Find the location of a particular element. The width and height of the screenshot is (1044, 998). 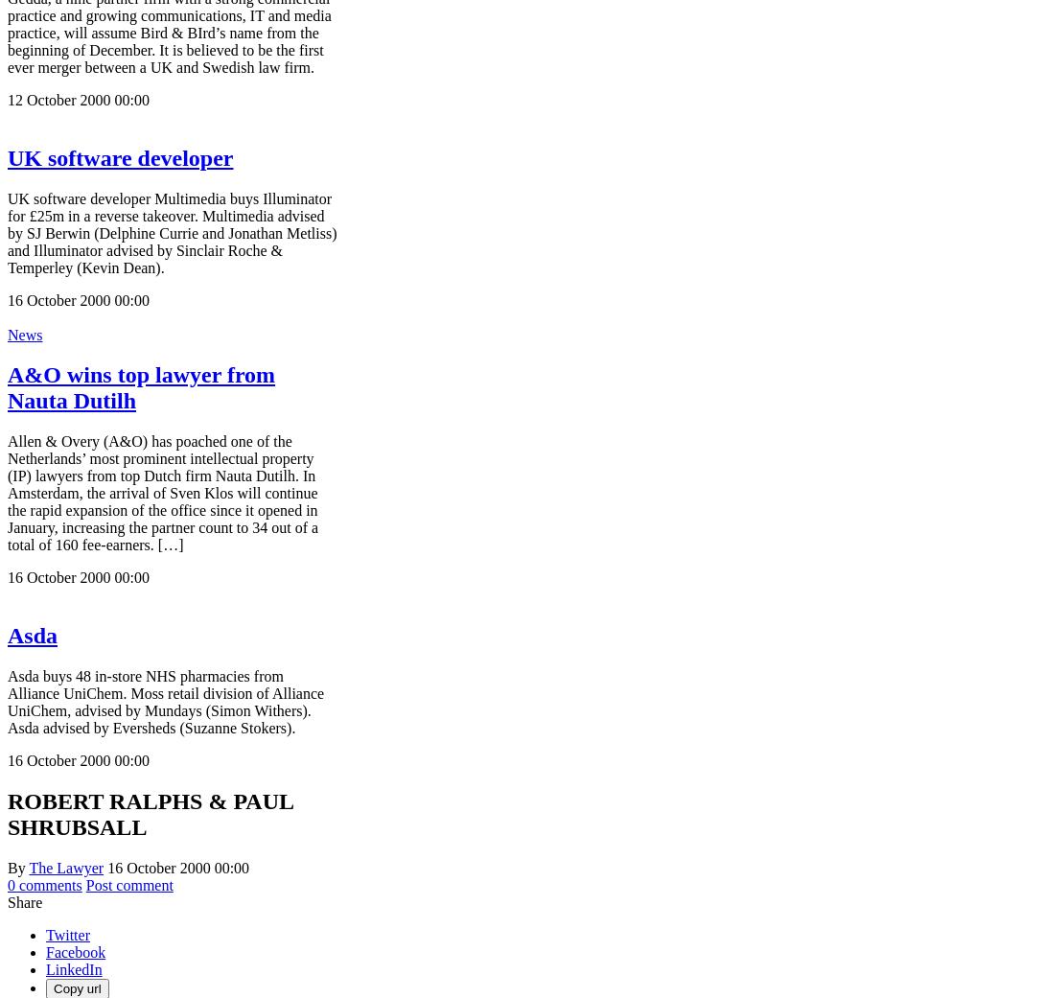

'UK software developer Multimedia buys Illuminator for £25m in a reverse takeover. Multimedia advised by SJ Berwin (Delphine Currie and Jonathan Metliss) and Illuminator advised by Sinclair Roche & Temperley (Kevin Dean).' is located at coordinates (172, 231).